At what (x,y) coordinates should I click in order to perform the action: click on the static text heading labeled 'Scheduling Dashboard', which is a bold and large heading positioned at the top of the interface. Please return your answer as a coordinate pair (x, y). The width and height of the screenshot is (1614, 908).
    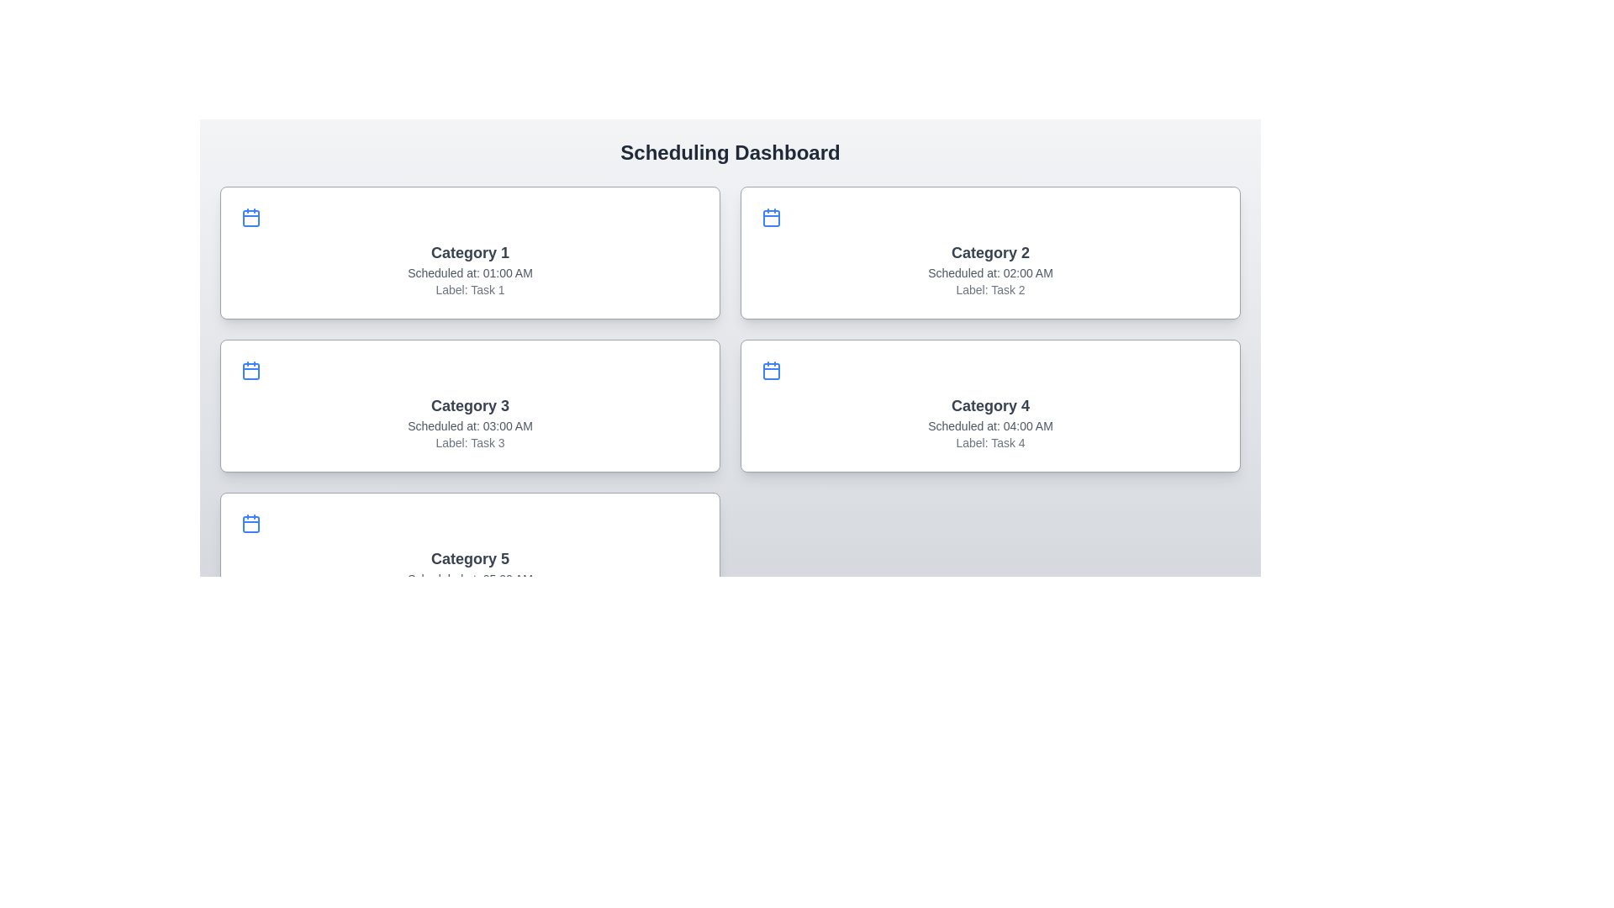
    Looking at the image, I should click on (730, 152).